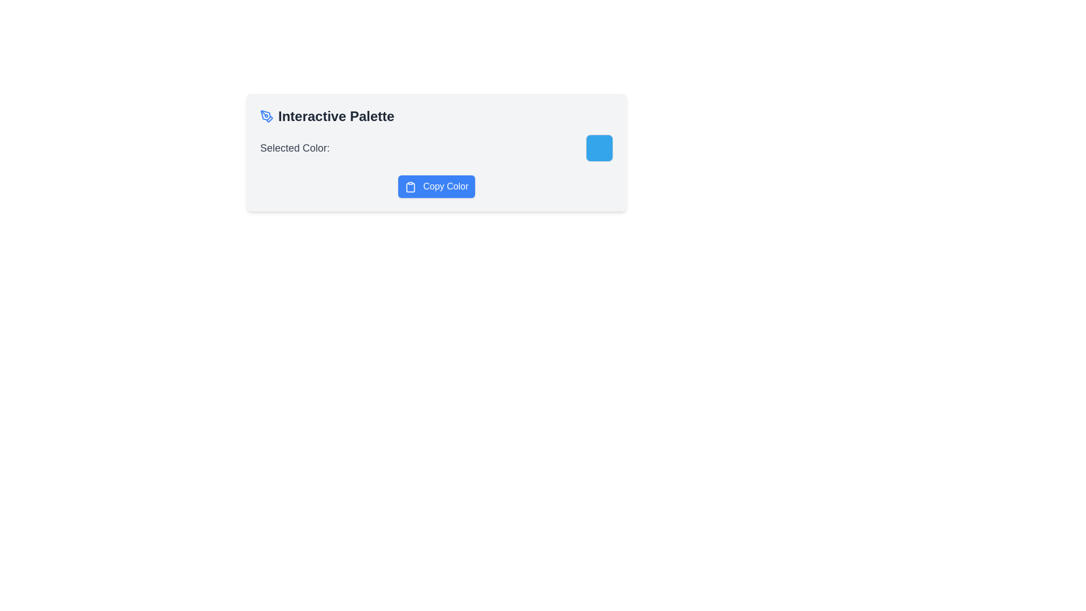 The height and width of the screenshot is (611, 1086). What do you see at coordinates (295, 148) in the screenshot?
I see `the text label displaying 'Selected Color:' which is styled in gray and positioned to the left of a blue square element` at bounding box center [295, 148].